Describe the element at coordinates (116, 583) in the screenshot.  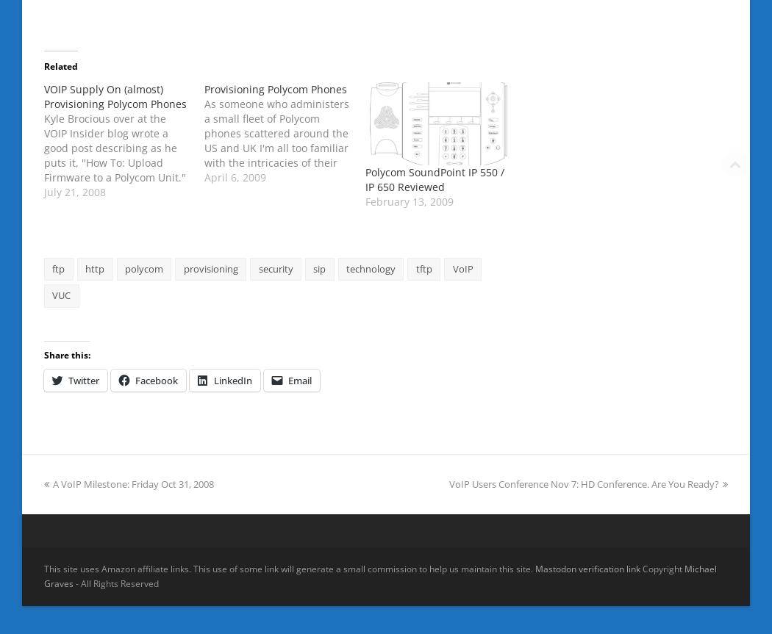
I see `'- All Rights Reserved'` at that location.